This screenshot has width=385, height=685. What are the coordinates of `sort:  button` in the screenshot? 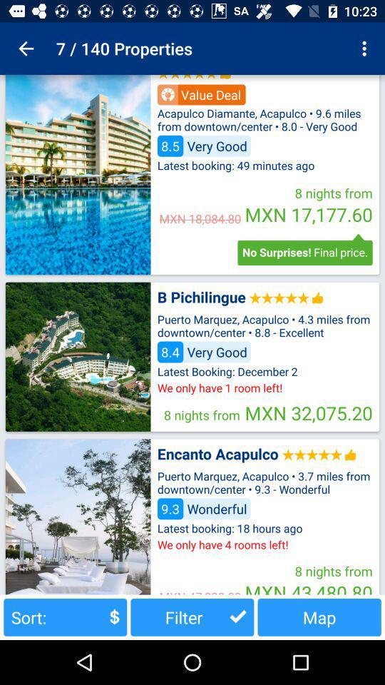 It's located at (64, 616).